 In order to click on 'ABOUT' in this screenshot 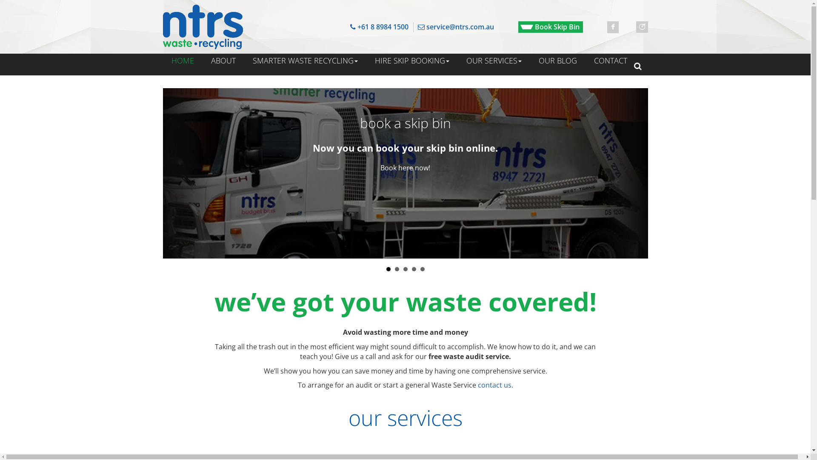, I will do `click(202, 60)`.